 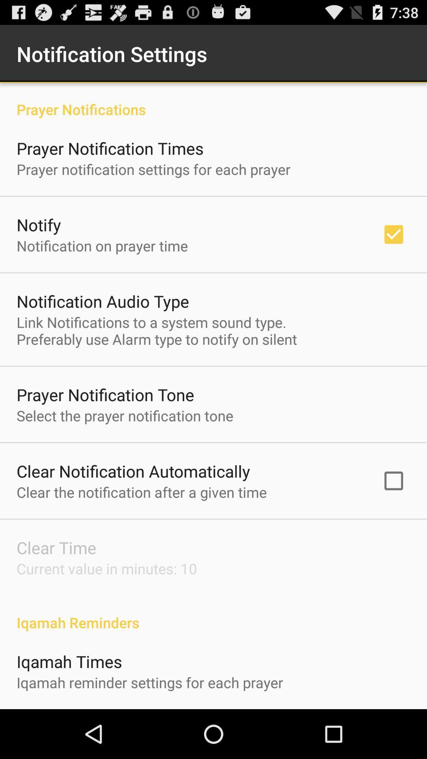 What do you see at coordinates (150, 682) in the screenshot?
I see `the item below iqamah times item` at bounding box center [150, 682].